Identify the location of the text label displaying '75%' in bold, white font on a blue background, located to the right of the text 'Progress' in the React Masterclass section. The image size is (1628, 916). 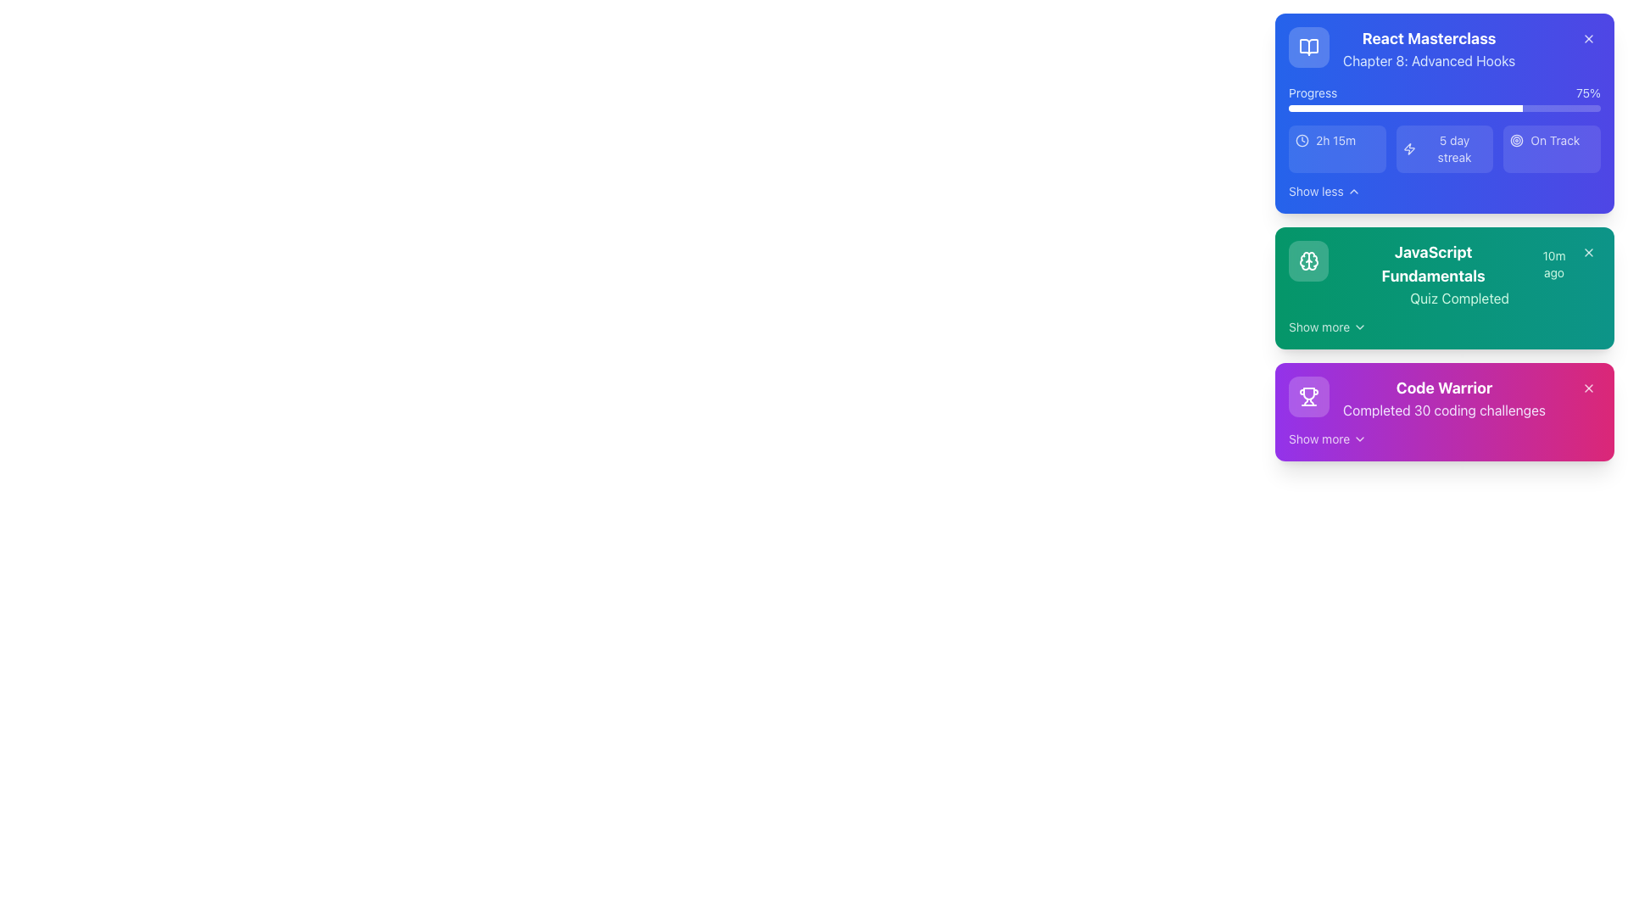
(1587, 93).